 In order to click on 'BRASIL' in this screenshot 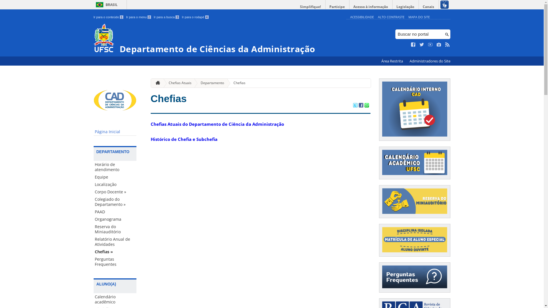, I will do `click(106, 5)`.